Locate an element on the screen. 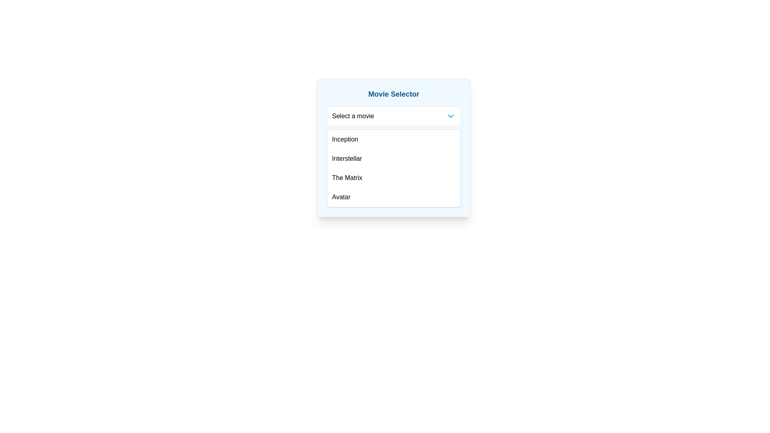 This screenshot has width=770, height=433. the fourth item in the dropdown menu representing the movie 'Avatar' is located at coordinates (394, 197).